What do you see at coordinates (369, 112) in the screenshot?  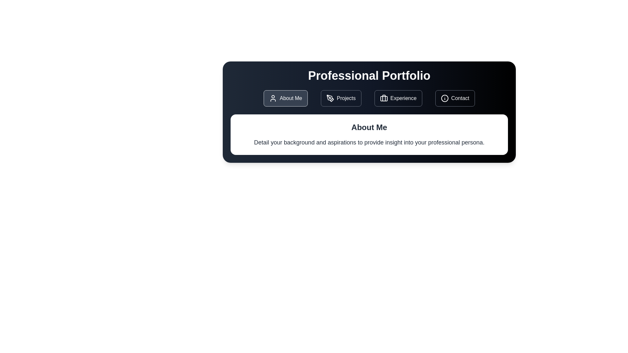 I see `the navigation buttons located in the introductory section of the portfolio, which is centrally positioned below the fixed header` at bounding box center [369, 112].